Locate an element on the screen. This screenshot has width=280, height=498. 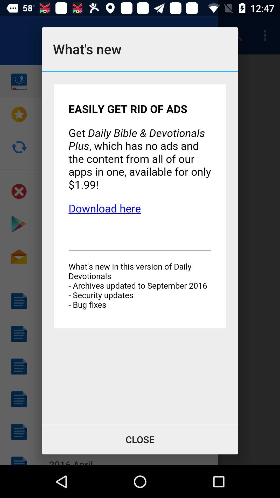
icon at the center is located at coordinates (140, 248).